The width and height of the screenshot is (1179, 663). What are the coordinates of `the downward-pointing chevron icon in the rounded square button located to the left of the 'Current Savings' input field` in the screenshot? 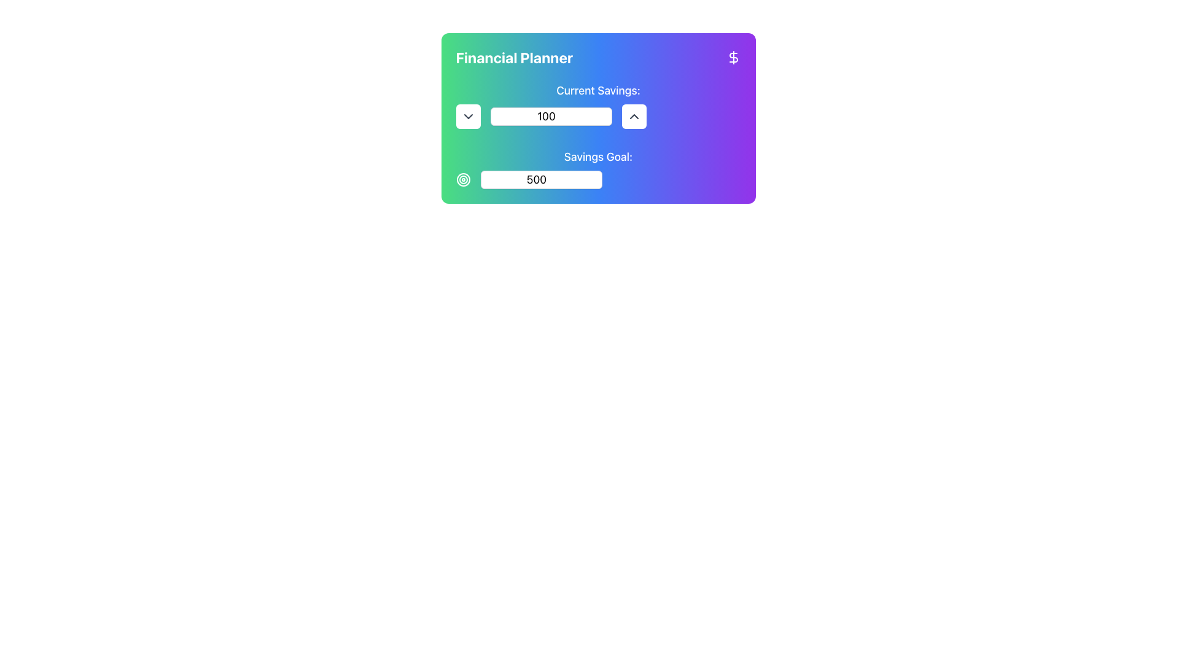 It's located at (467, 116).